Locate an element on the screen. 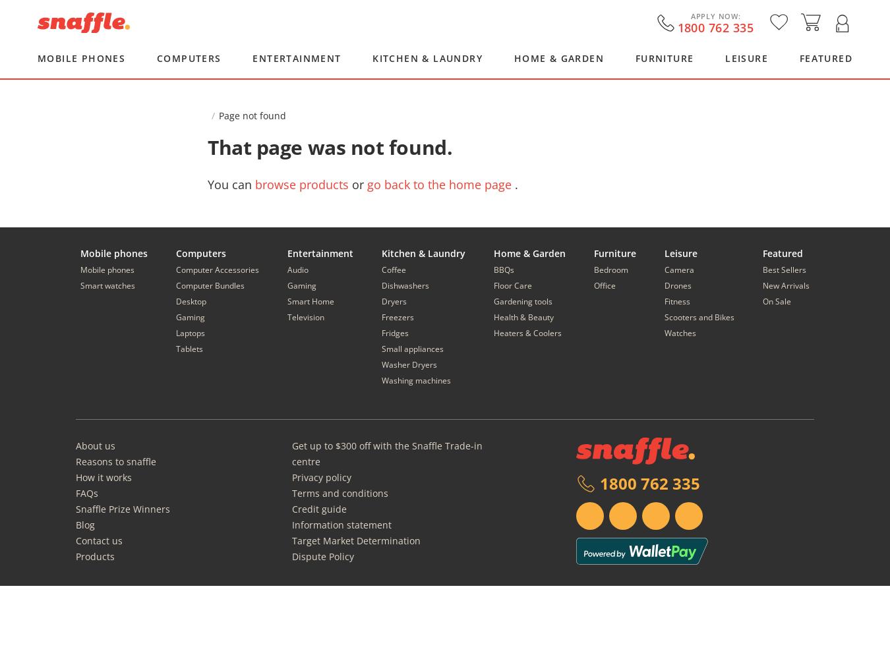  'Health & Beauty' is located at coordinates (523, 316).